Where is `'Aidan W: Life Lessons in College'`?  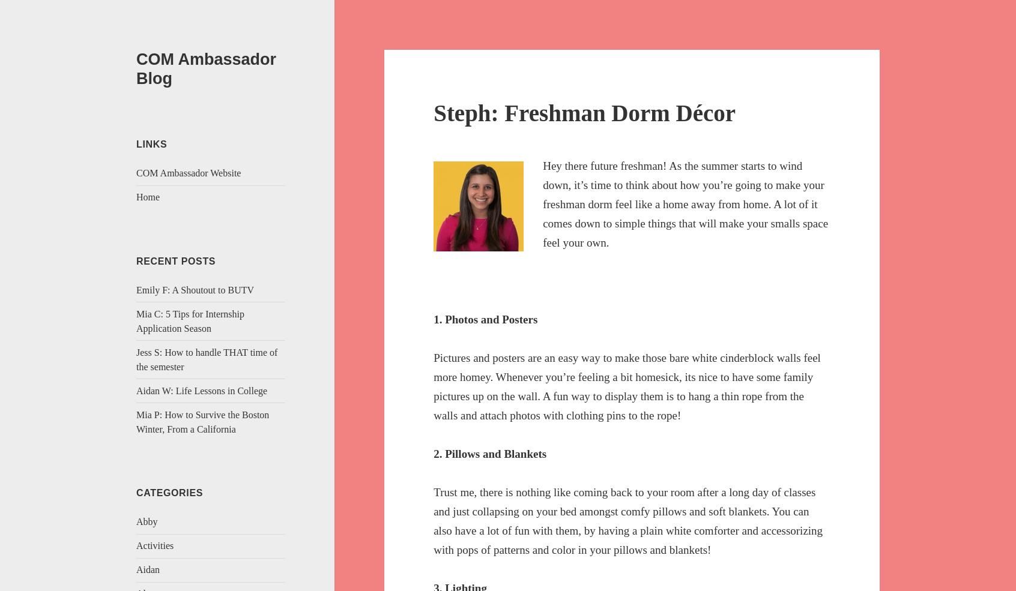 'Aidan W: Life Lessons in College' is located at coordinates (201, 389).